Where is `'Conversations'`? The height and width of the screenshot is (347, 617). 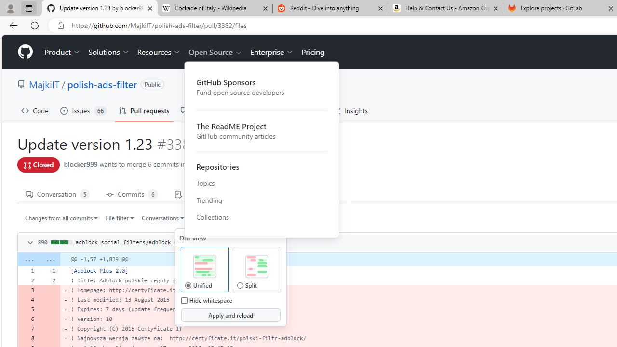
'Conversations' is located at coordinates (163, 217).